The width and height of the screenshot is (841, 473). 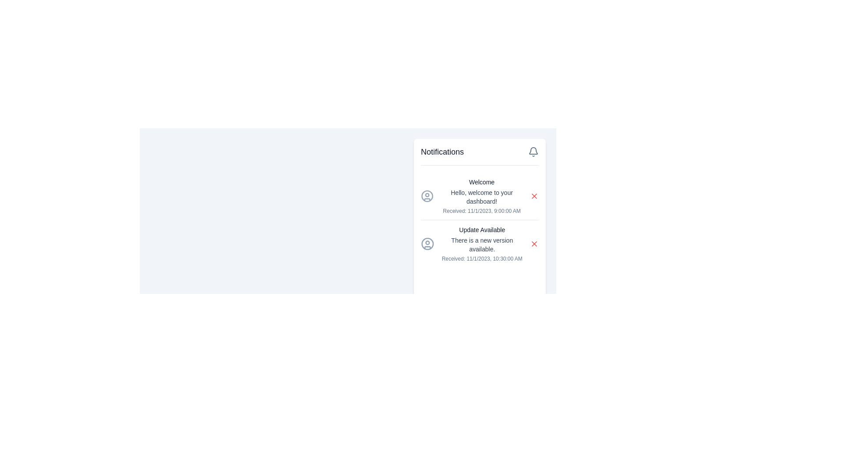 I want to click on the delete icon located at the end of the notification card in the notifications panel, so click(x=534, y=195).